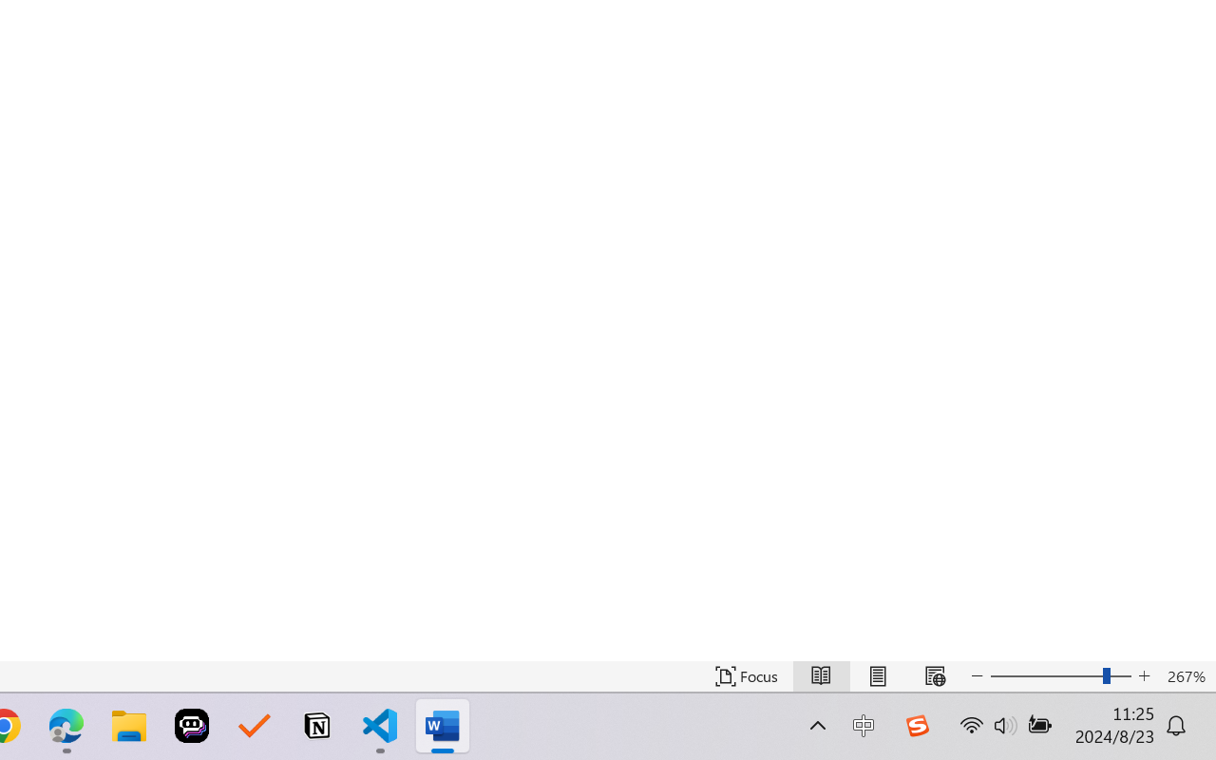  Describe the element at coordinates (1059, 675) in the screenshot. I see `'Text Size'` at that location.